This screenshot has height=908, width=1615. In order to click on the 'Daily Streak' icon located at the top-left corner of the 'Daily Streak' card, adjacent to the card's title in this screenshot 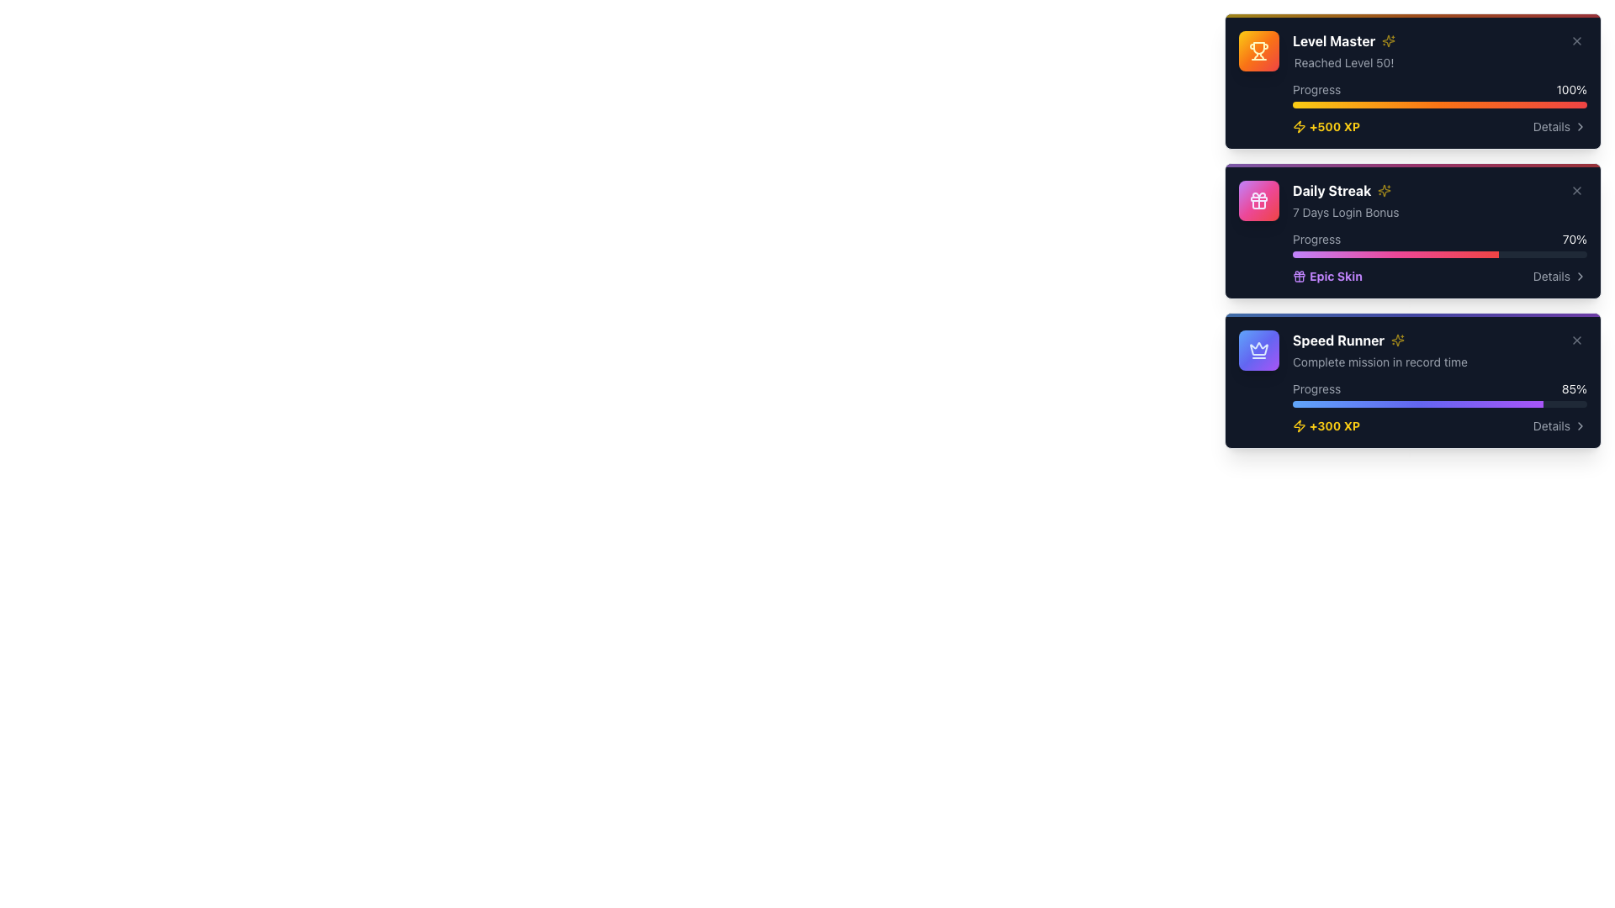, I will do `click(1259, 200)`.